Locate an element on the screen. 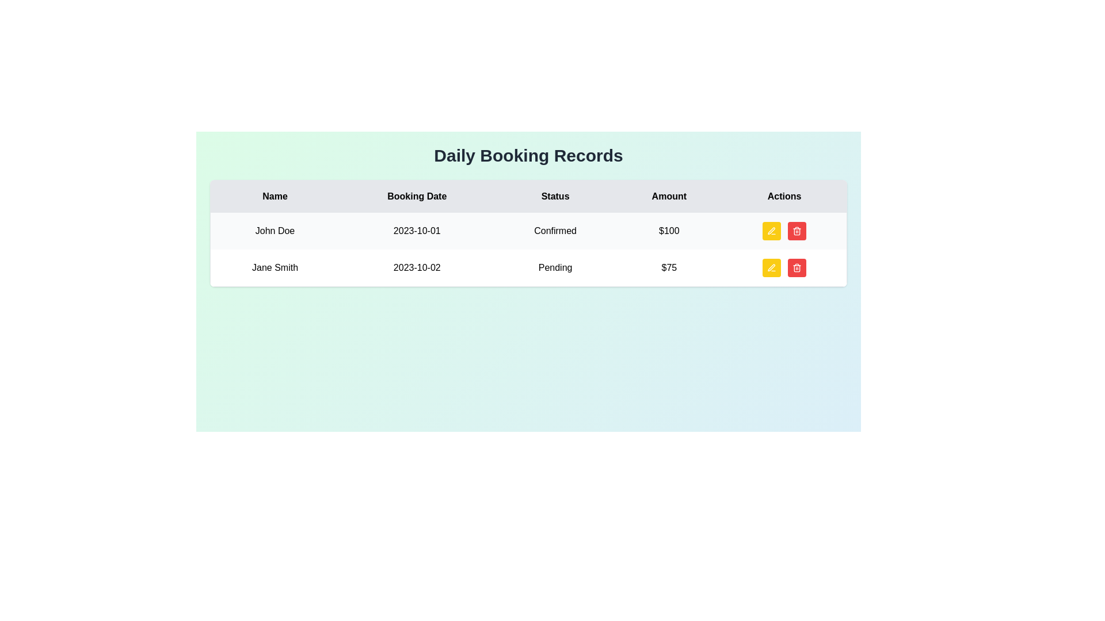 The width and height of the screenshot is (1105, 621). the 'Pending' text label in the 'Status' column of the 'Daily Booking Records' table, which is located in the second row, between '2023-10-02' and '$75' is located at coordinates (555, 268).